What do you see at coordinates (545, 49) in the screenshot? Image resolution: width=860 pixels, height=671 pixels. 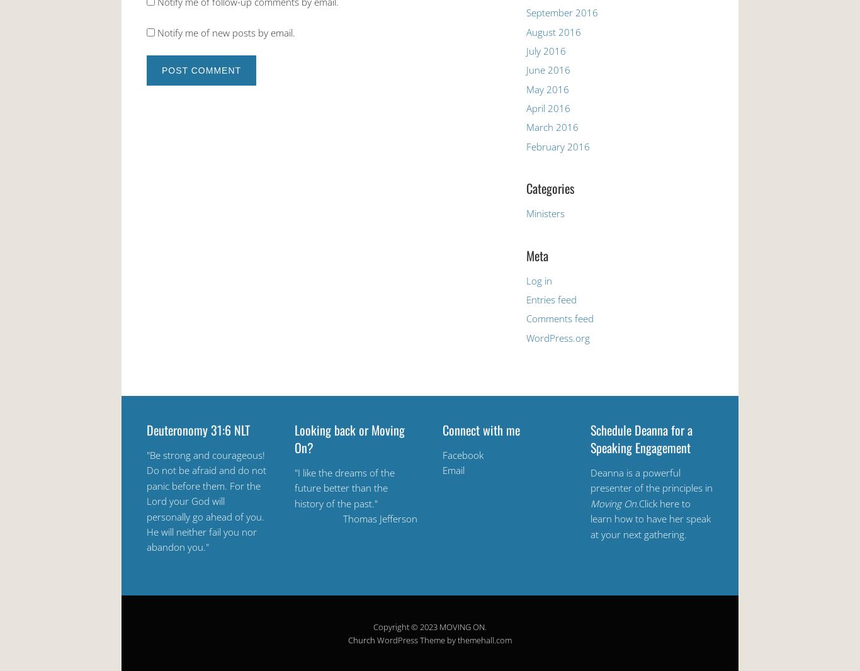 I see `'July 2016'` at bounding box center [545, 49].